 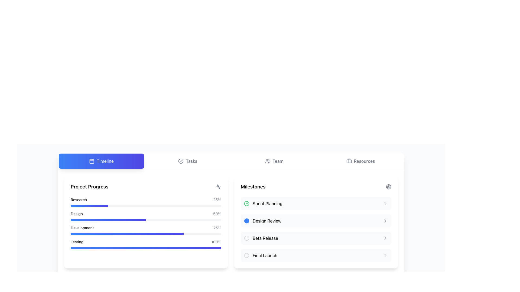 What do you see at coordinates (146, 244) in the screenshot?
I see `progress percentage from the 'Testing' progress indicator, which shows '100%' on the right side of the label` at bounding box center [146, 244].